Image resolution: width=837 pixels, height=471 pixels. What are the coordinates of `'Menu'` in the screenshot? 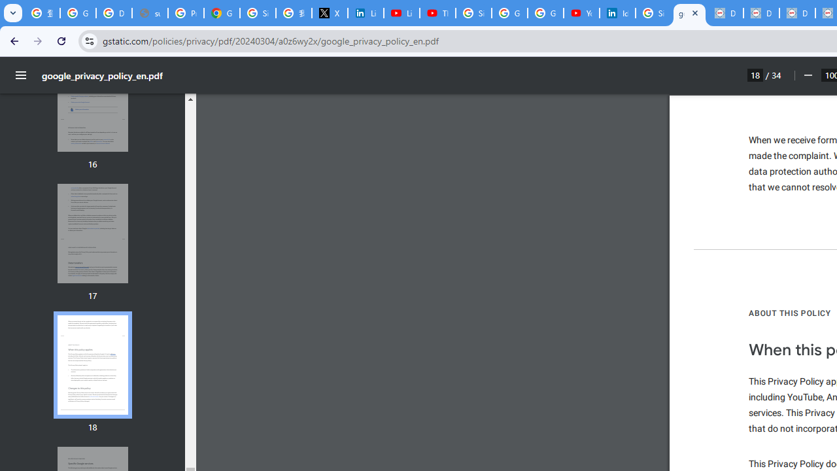 It's located at (21, 75).